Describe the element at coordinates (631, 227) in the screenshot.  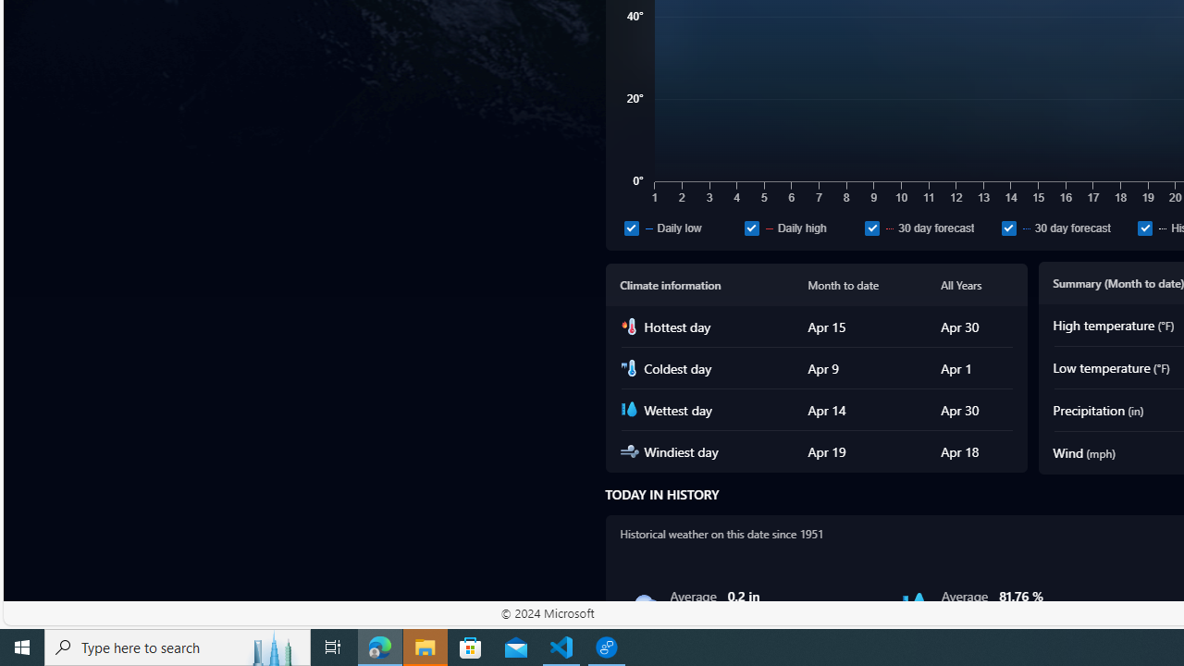
I see `'Daily low'` at that location.